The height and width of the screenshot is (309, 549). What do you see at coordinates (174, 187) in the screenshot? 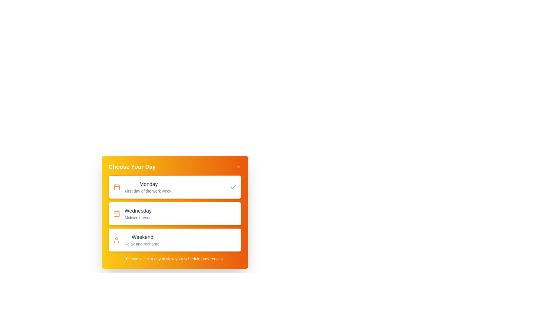
I see `the day Monday from the list` at bounding box center [174, 187].